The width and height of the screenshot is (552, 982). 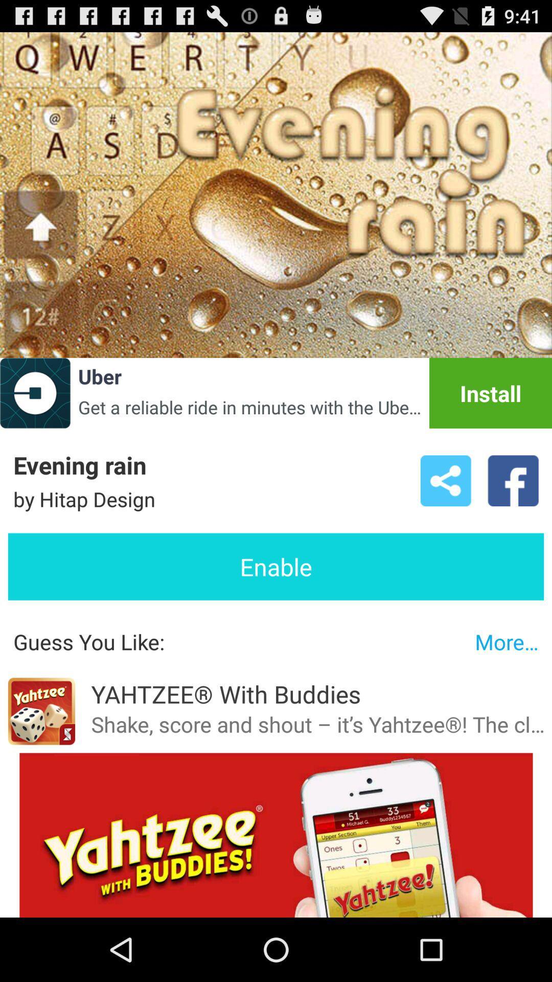 What do you see at coordinates (507, 641) in the screenshot?
I see `the icon to the right of the guess you like: item` at bounding box center [507, 641].